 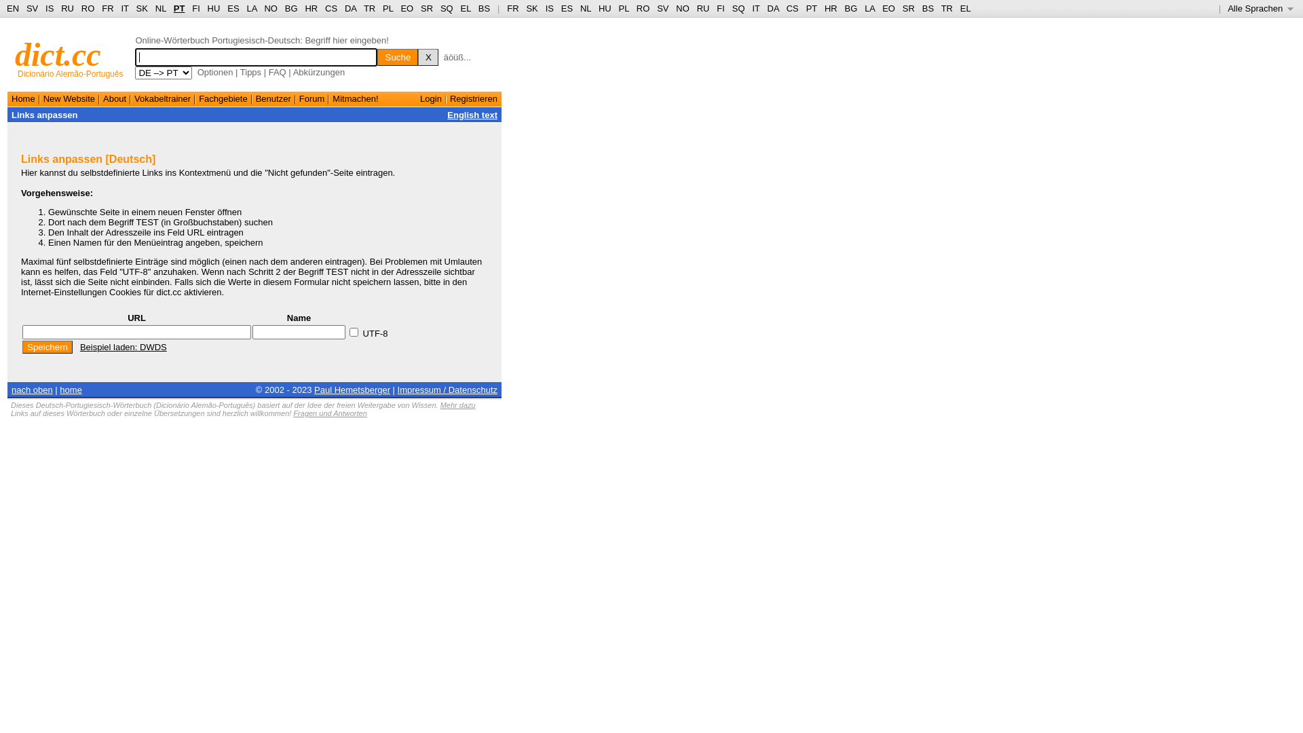 What do you see at coordinates (324, 8) in the screenshot?
I see `'CS'` at bounding box center [324, 8].